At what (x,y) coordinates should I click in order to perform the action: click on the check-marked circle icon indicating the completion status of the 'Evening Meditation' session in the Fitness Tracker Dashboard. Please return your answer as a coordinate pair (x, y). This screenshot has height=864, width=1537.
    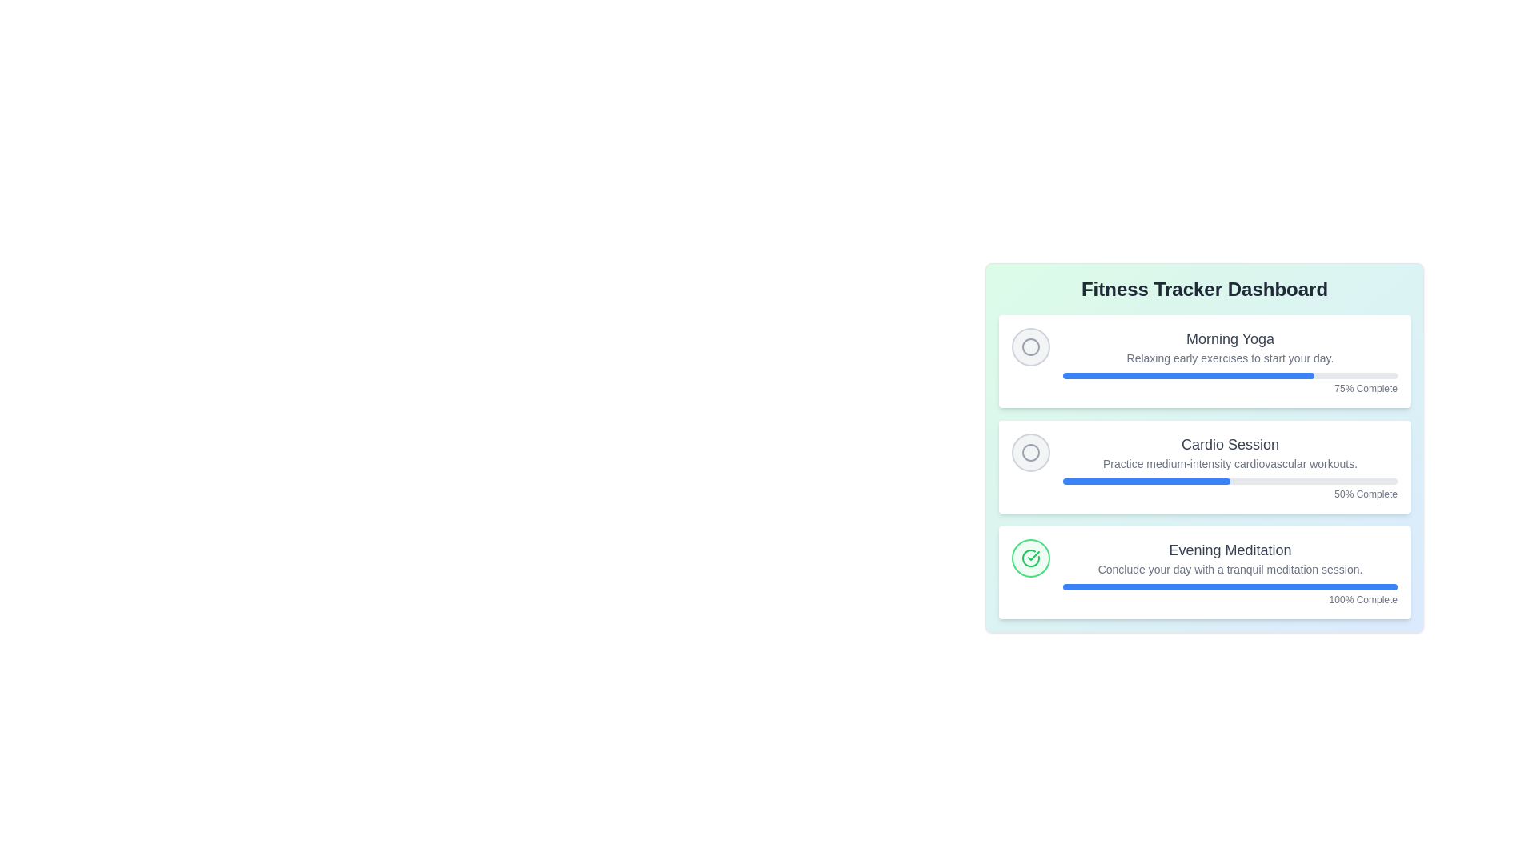
    Looking at the image, I should click on (1030, 558).